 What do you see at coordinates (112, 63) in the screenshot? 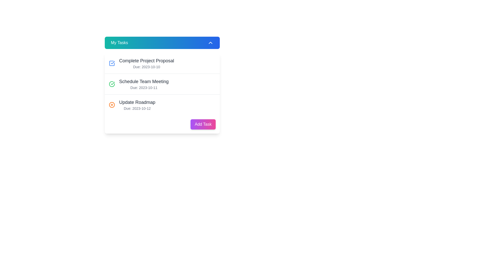
I see `the icon that signifies the 'Complete Project Proposal' task has been marked as completed to change its state` at bounding box center [112, 63].